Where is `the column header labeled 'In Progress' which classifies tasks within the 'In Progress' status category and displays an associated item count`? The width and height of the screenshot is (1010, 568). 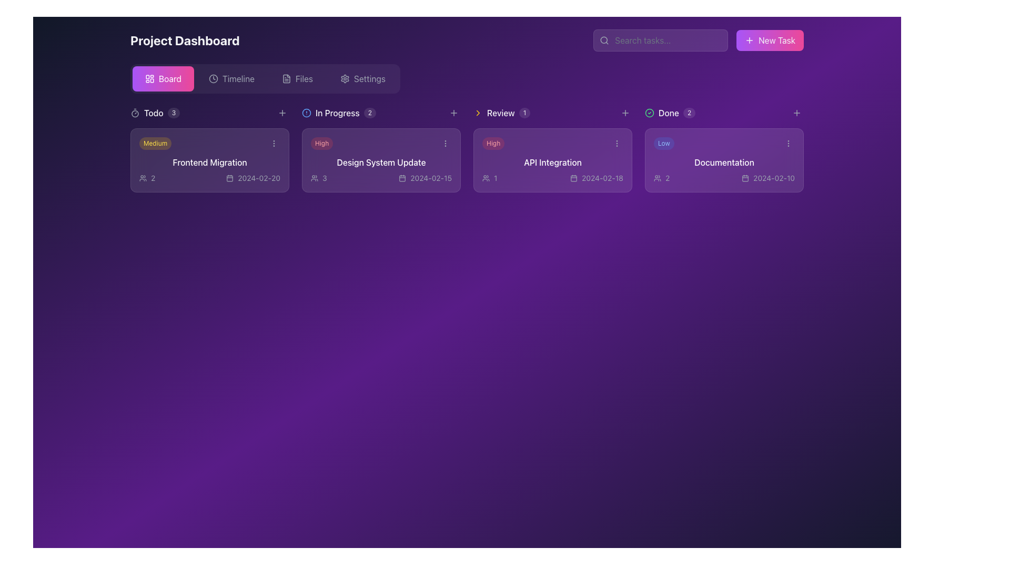 the column header labeled 'In Progress' which classifies tasks within the 'In Progress' status category and displays an associated item count is located at coordinates (339, 113).